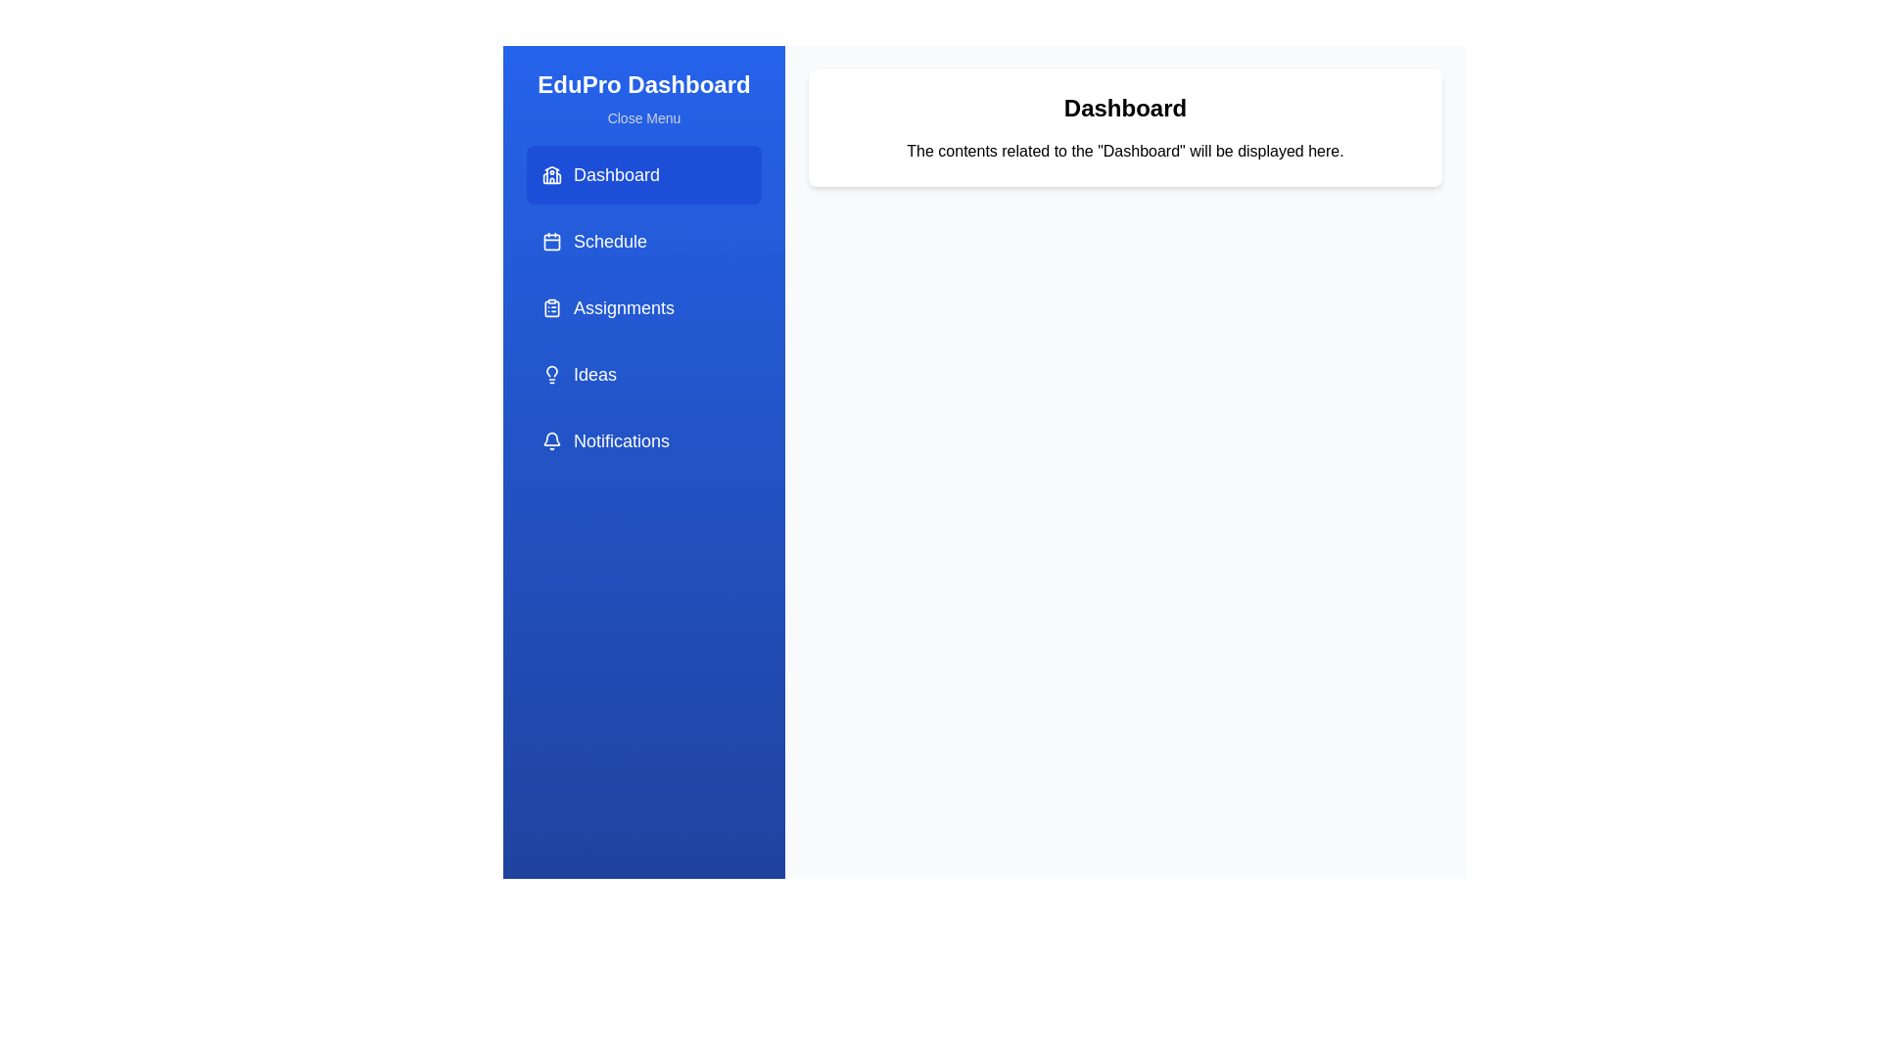  What do you see at coordinates (643, 441) in the screenshot?
I see `the Notifications section by clicking on its corresponding sidebar item` at bounding box center [643, 441].